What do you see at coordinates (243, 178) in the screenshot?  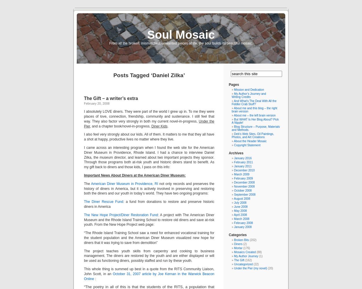 I see `'February 2009'` at bounding box center [243, 178].